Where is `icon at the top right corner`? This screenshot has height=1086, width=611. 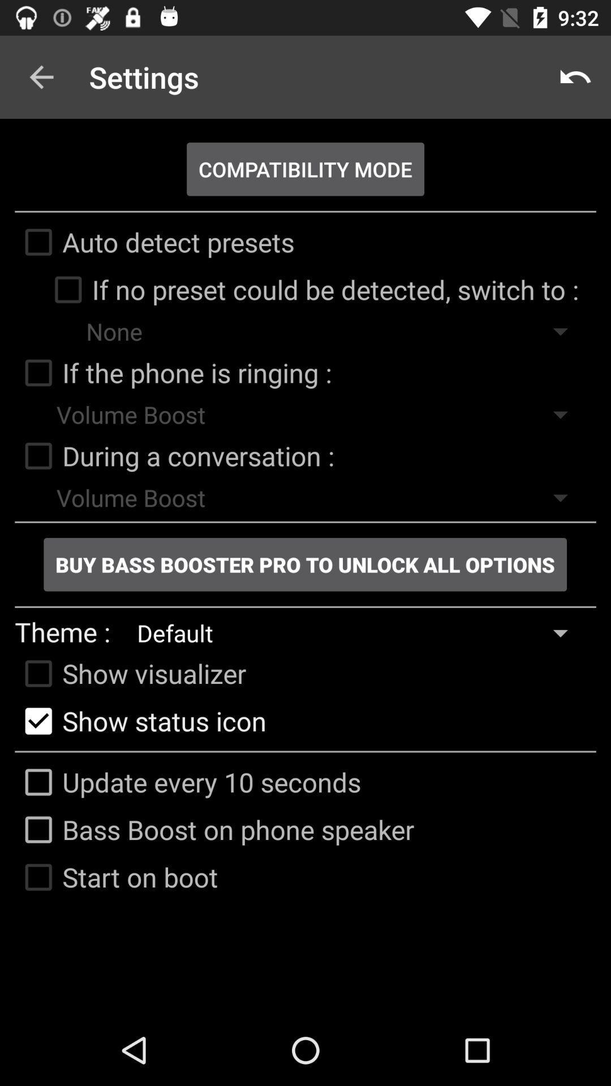 icon at the top right corner is located at coordinates (575, 76).